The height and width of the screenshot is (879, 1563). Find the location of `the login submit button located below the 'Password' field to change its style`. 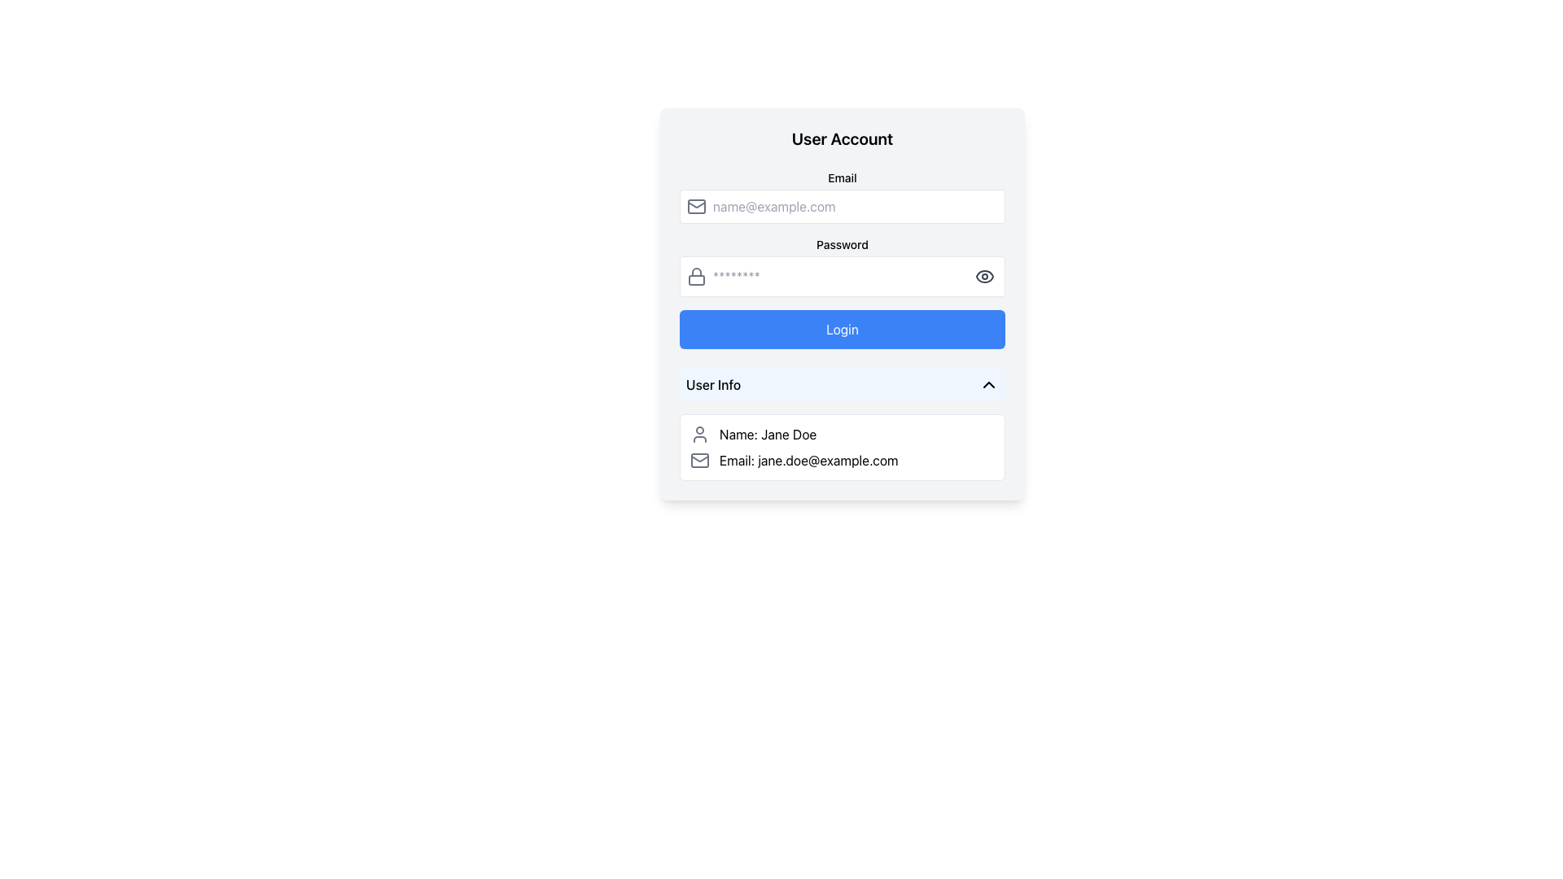

the login submit button located below the 'Password' field to change its style is located at coordinates (843, 304).